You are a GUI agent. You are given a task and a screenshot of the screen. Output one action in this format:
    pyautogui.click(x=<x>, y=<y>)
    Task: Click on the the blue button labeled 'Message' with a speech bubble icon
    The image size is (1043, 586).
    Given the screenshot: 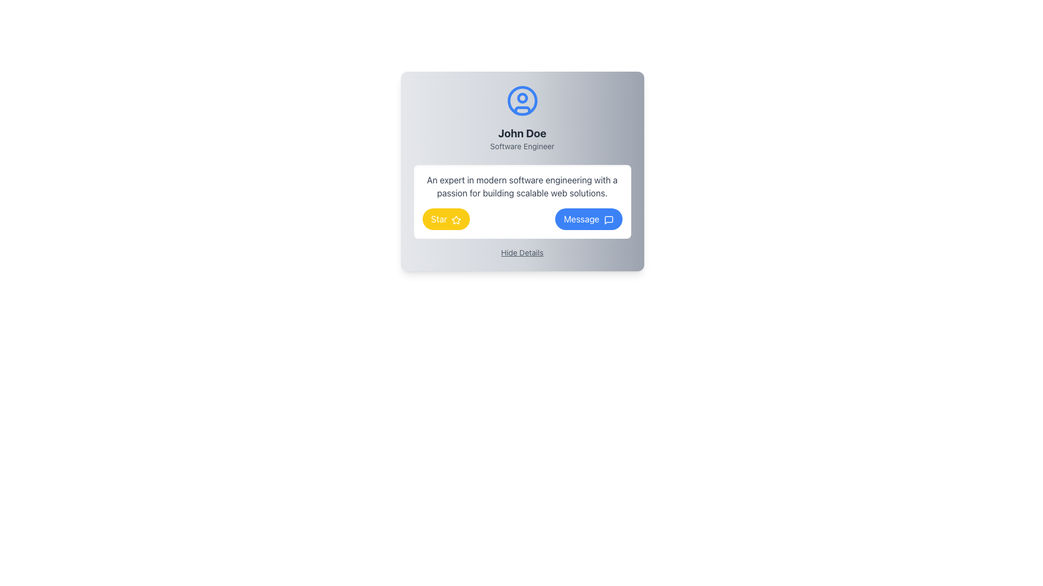 What is the action you would take?
    pyautogui.click(x=588, y=219)
    